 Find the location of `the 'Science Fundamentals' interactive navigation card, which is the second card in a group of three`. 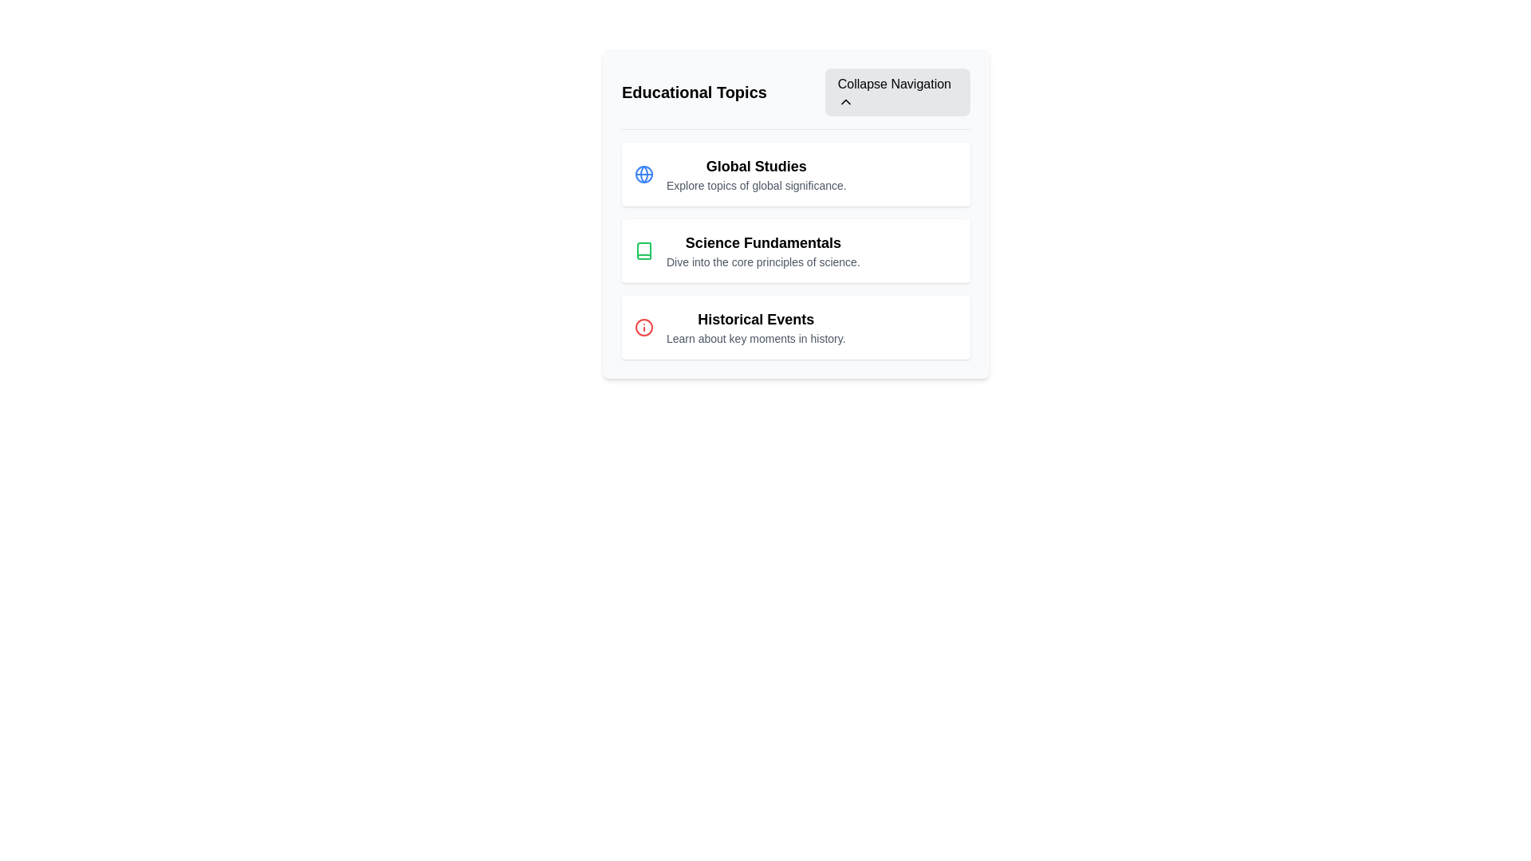

the 'Science Fundamentals' interactive navigation card, which is the second card in a group of three is located at coordinates (796, 213).